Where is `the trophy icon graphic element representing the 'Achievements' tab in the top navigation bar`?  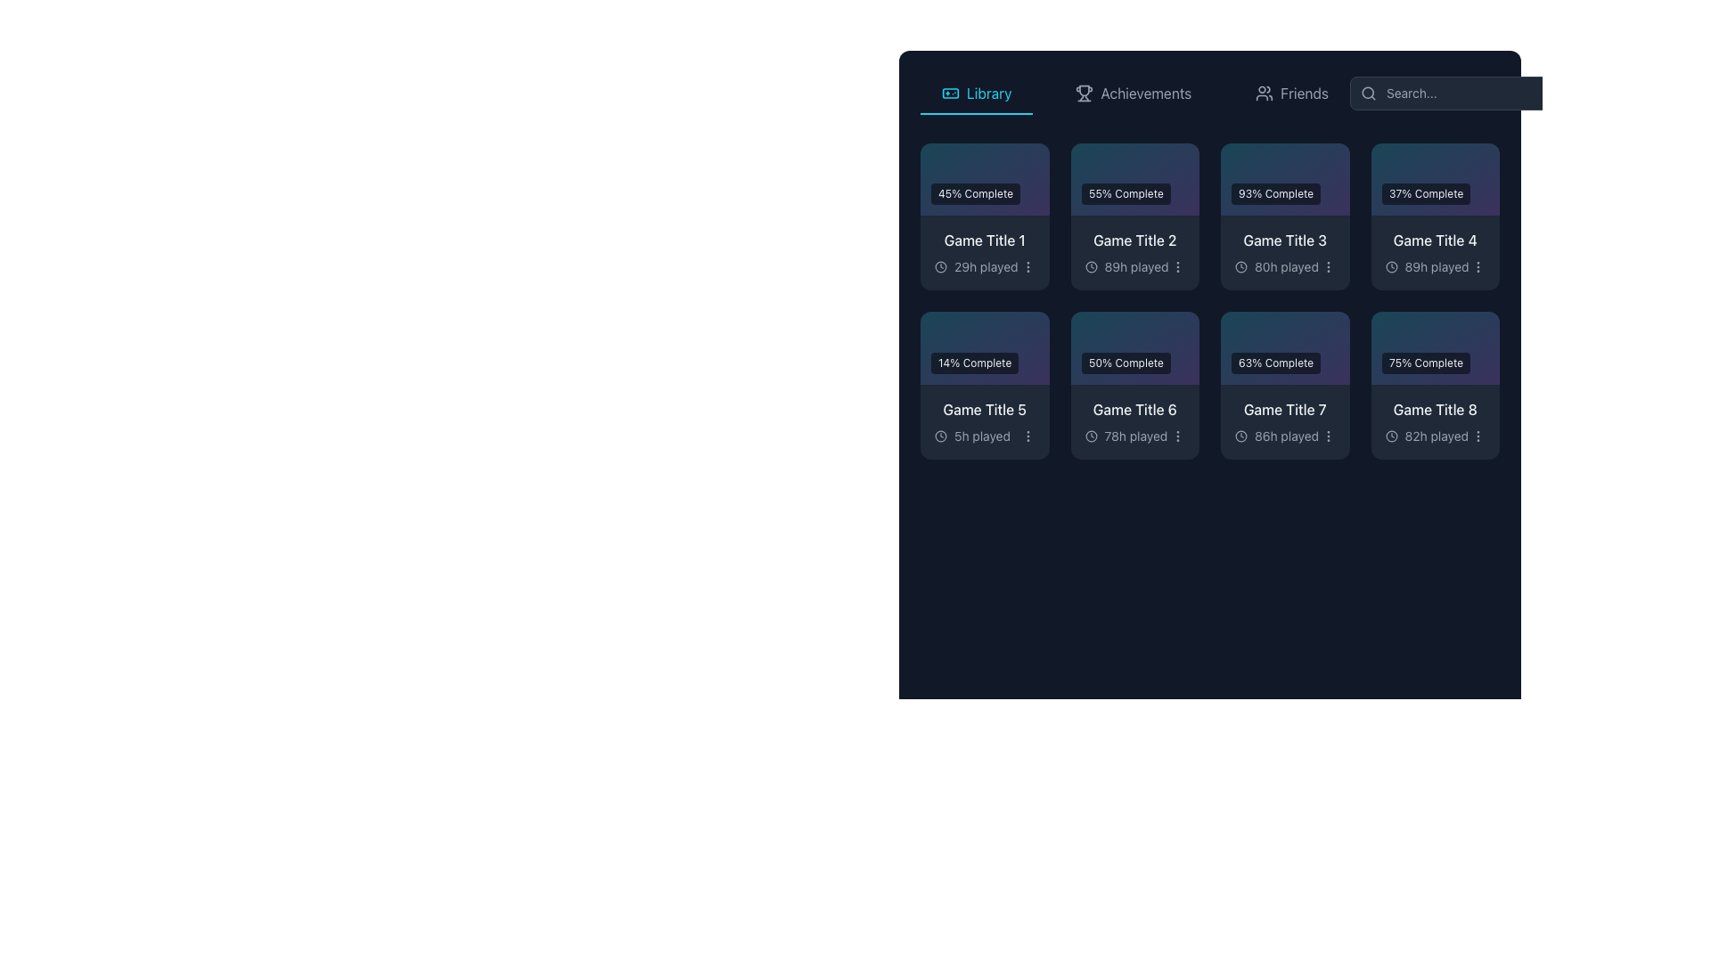
the trophy icon graphic element representing the 'Achievements' tab in the top navigation bar is located at coordinates (1084, 91).